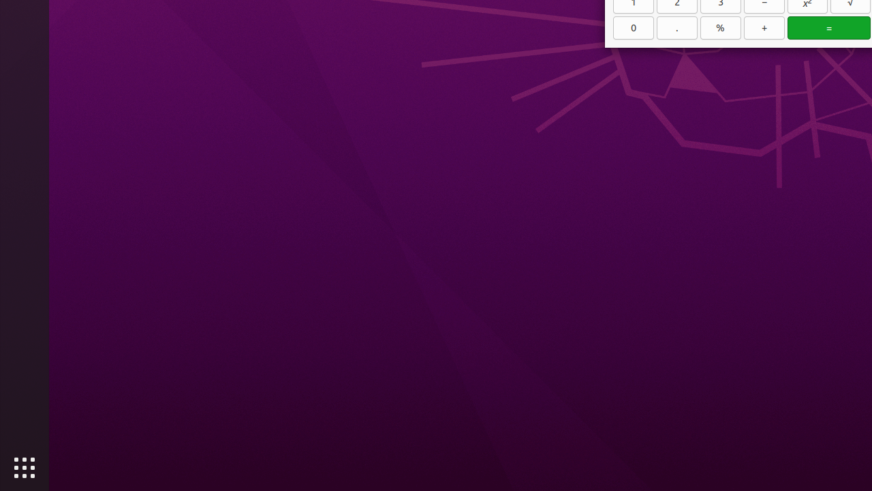  Describe the element at coordinates (677, 27) in the screenshot. I see `'.'` at that location.